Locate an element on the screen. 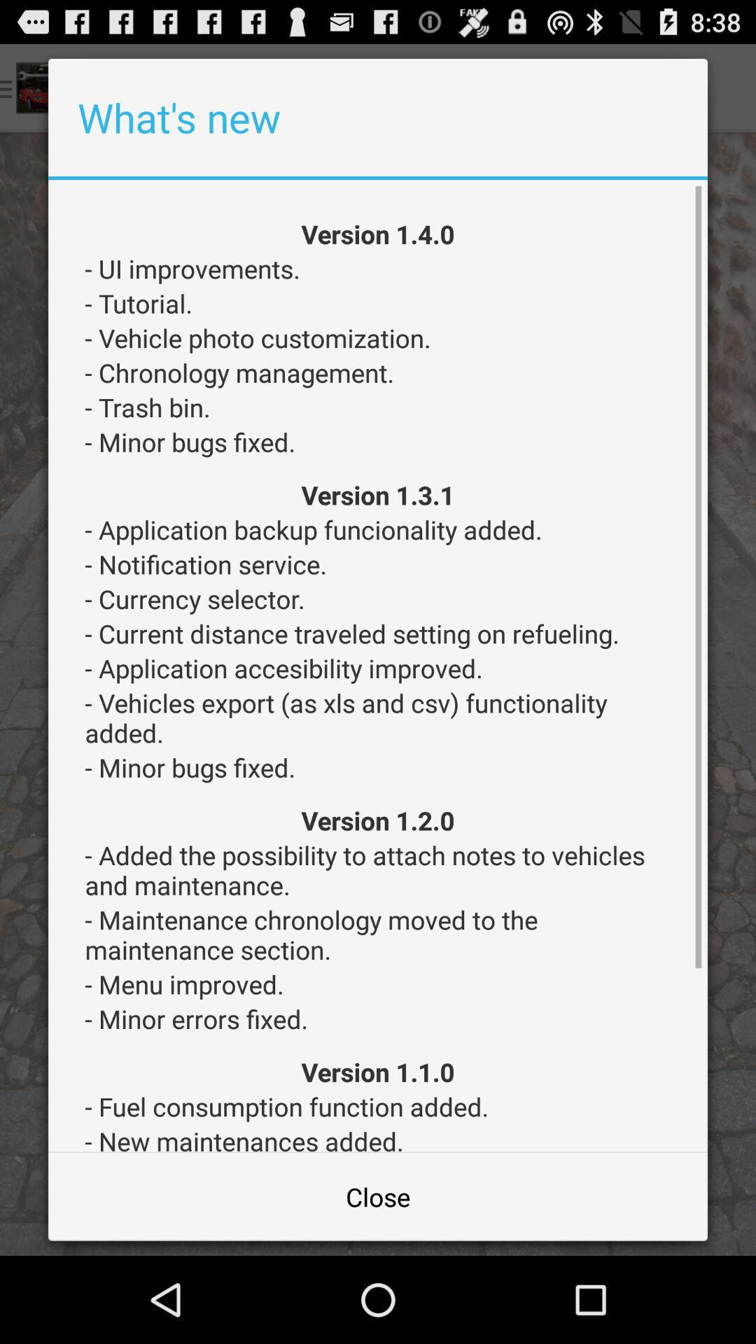 The width and height of the screenshot is (756, 1344). close item is located at coordinates (378, 1196).